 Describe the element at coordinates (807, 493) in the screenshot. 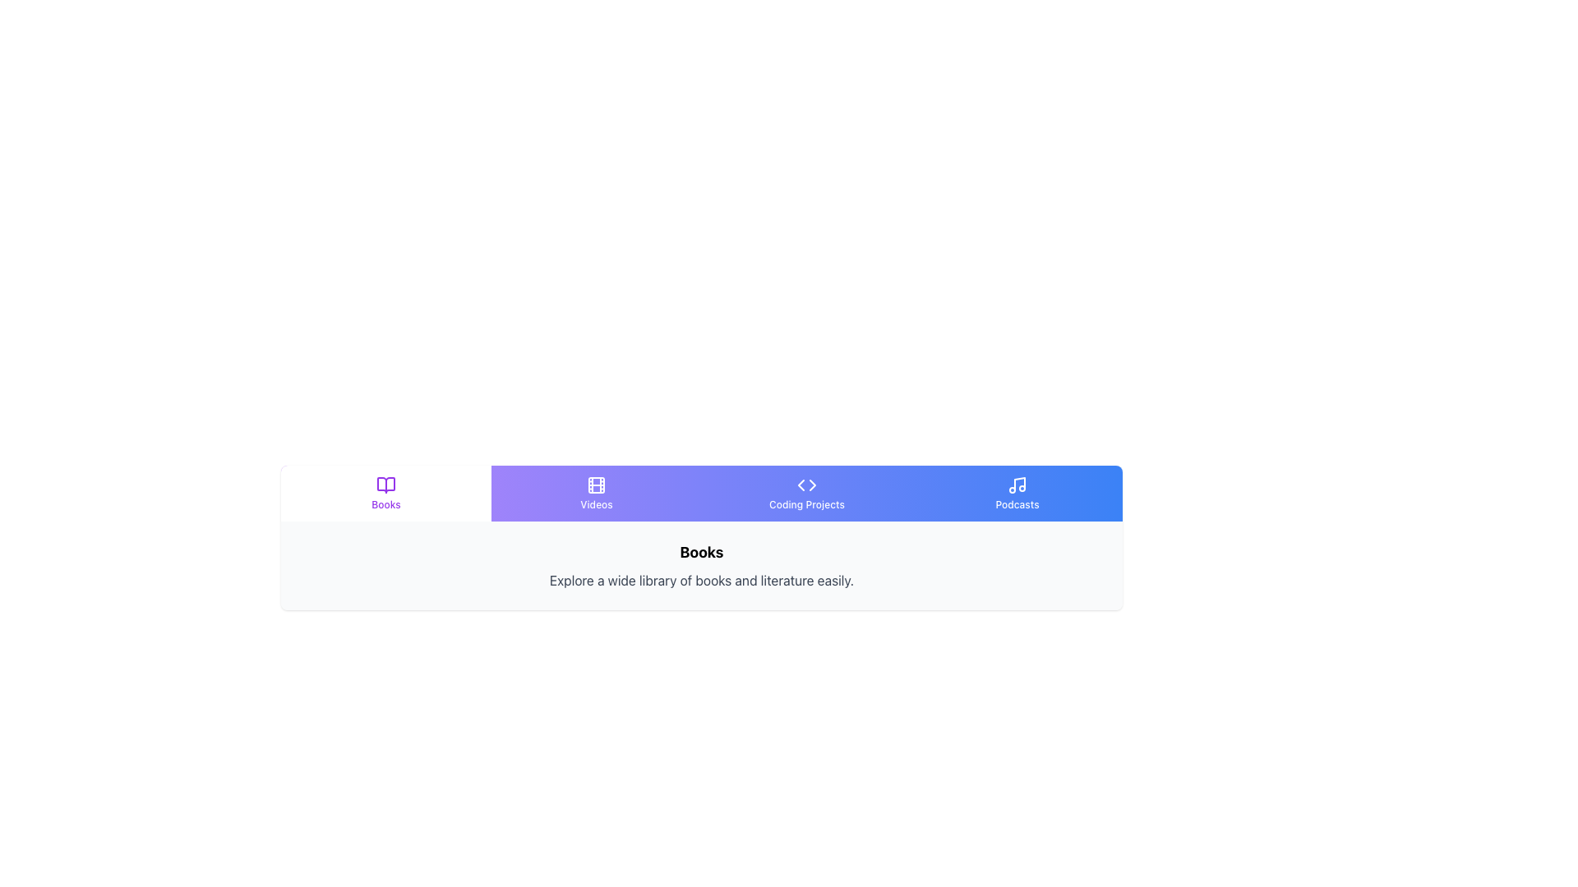

I see `the 'Coding Projects' button, which is visually represented by a centered icon of angle brackets and styled with a gradient background, to possibly reveal additional information or effects` at that location.